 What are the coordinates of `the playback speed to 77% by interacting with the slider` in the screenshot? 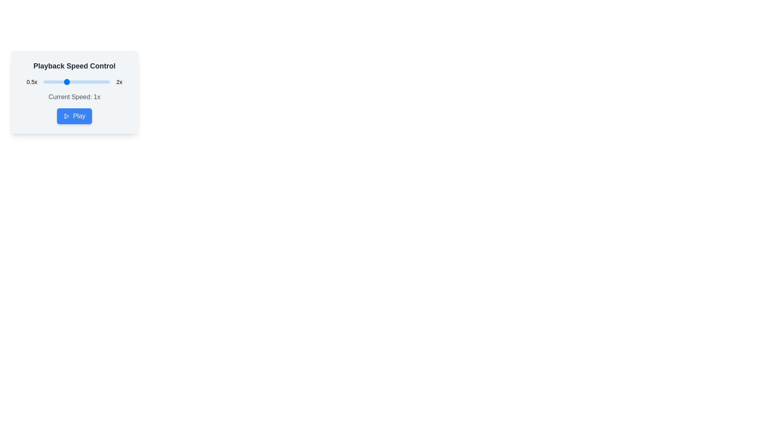 It's located at (55, 82).